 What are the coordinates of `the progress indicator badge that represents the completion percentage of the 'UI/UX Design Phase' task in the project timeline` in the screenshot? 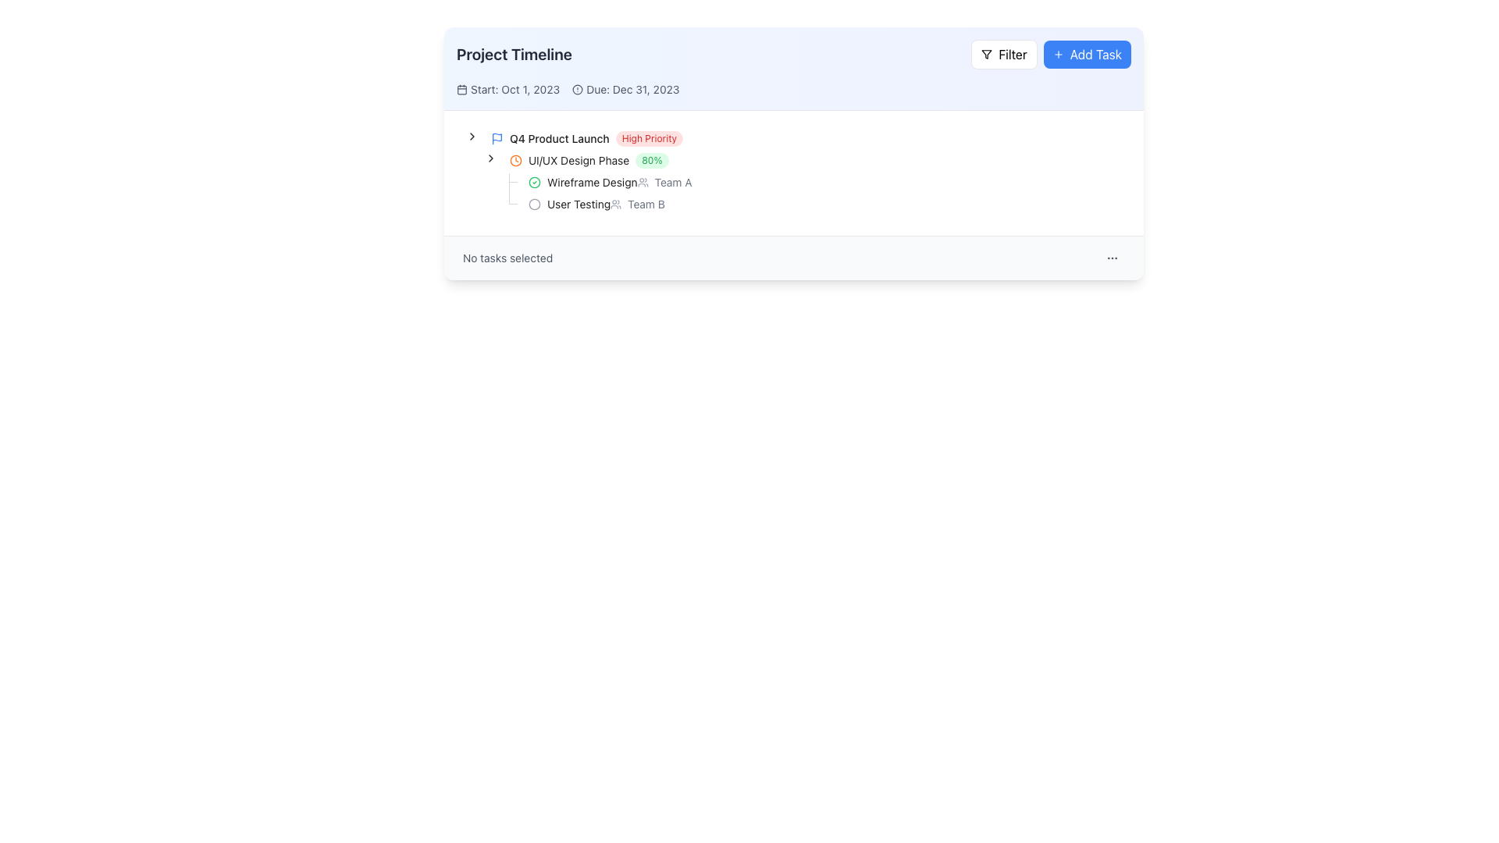 It's located at (652, 160).